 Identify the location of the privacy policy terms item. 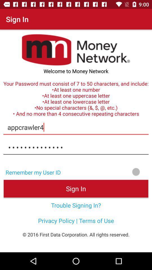
(76, 220).